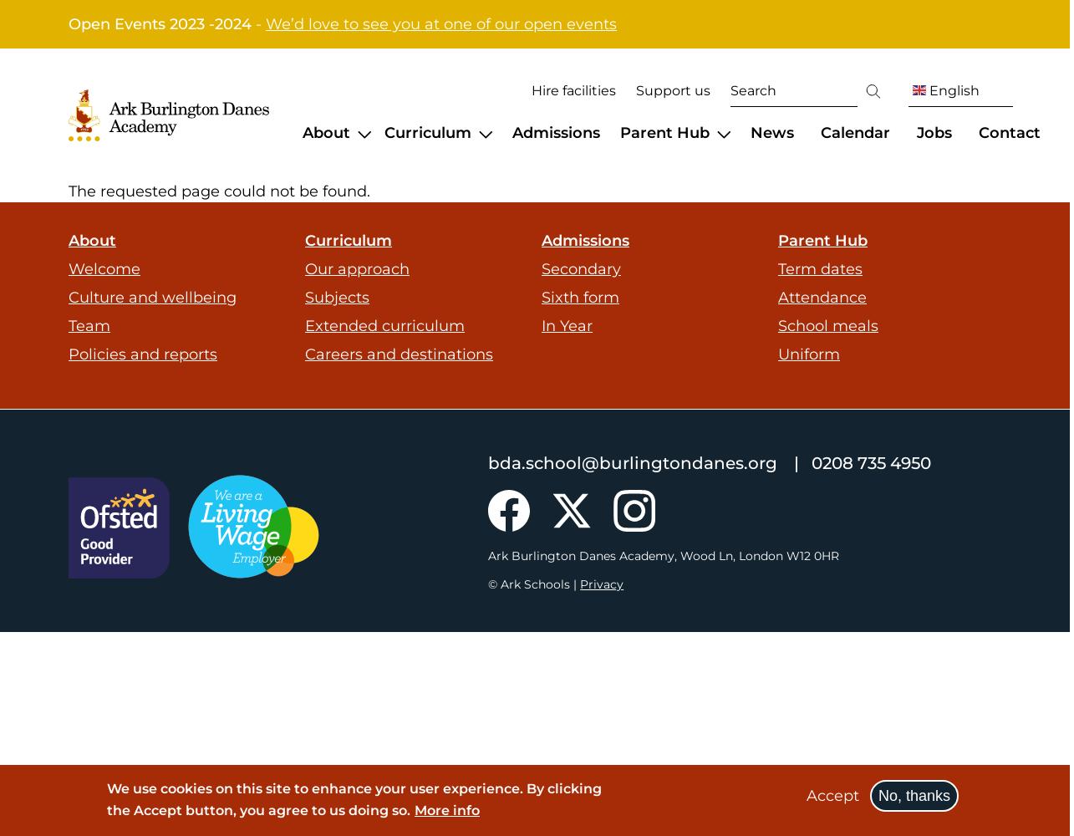 The height and width of the screenshot is (836, 1074). What do you see at coordinates (381, 186) in the screenshot?
I see `'Our vision and values'` at bounding box center [381, 186].